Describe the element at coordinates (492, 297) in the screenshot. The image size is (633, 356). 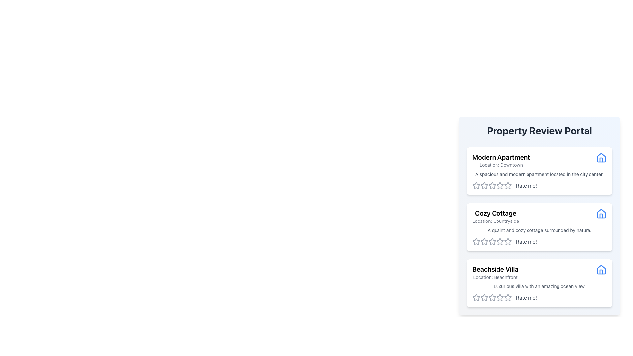
I see `the fourth star icon in the rating sequence of the 'Beachside Villa' card` at that location.